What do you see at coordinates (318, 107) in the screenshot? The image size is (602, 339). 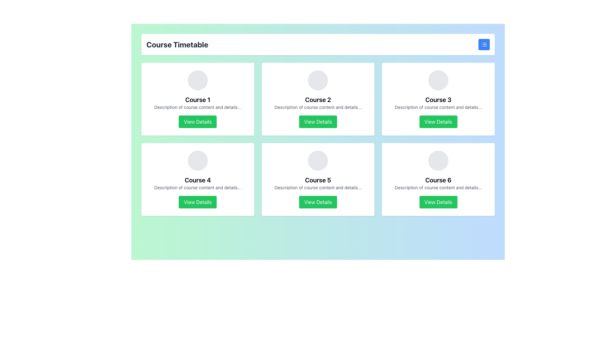 I see `the descriptive text element located within the 'Course 2' card, positioned below the title and above the 'View Details' button` at bounding box center [318, 107].